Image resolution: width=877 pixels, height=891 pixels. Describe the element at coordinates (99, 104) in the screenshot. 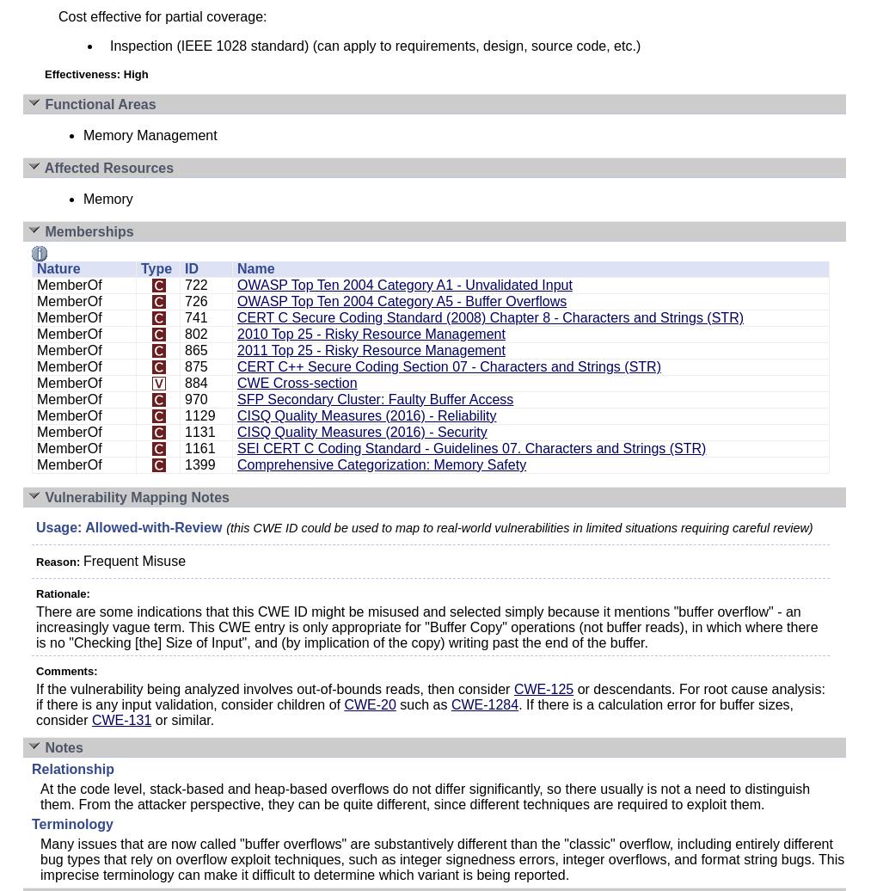

I see `'Functional Areas'` at that location.